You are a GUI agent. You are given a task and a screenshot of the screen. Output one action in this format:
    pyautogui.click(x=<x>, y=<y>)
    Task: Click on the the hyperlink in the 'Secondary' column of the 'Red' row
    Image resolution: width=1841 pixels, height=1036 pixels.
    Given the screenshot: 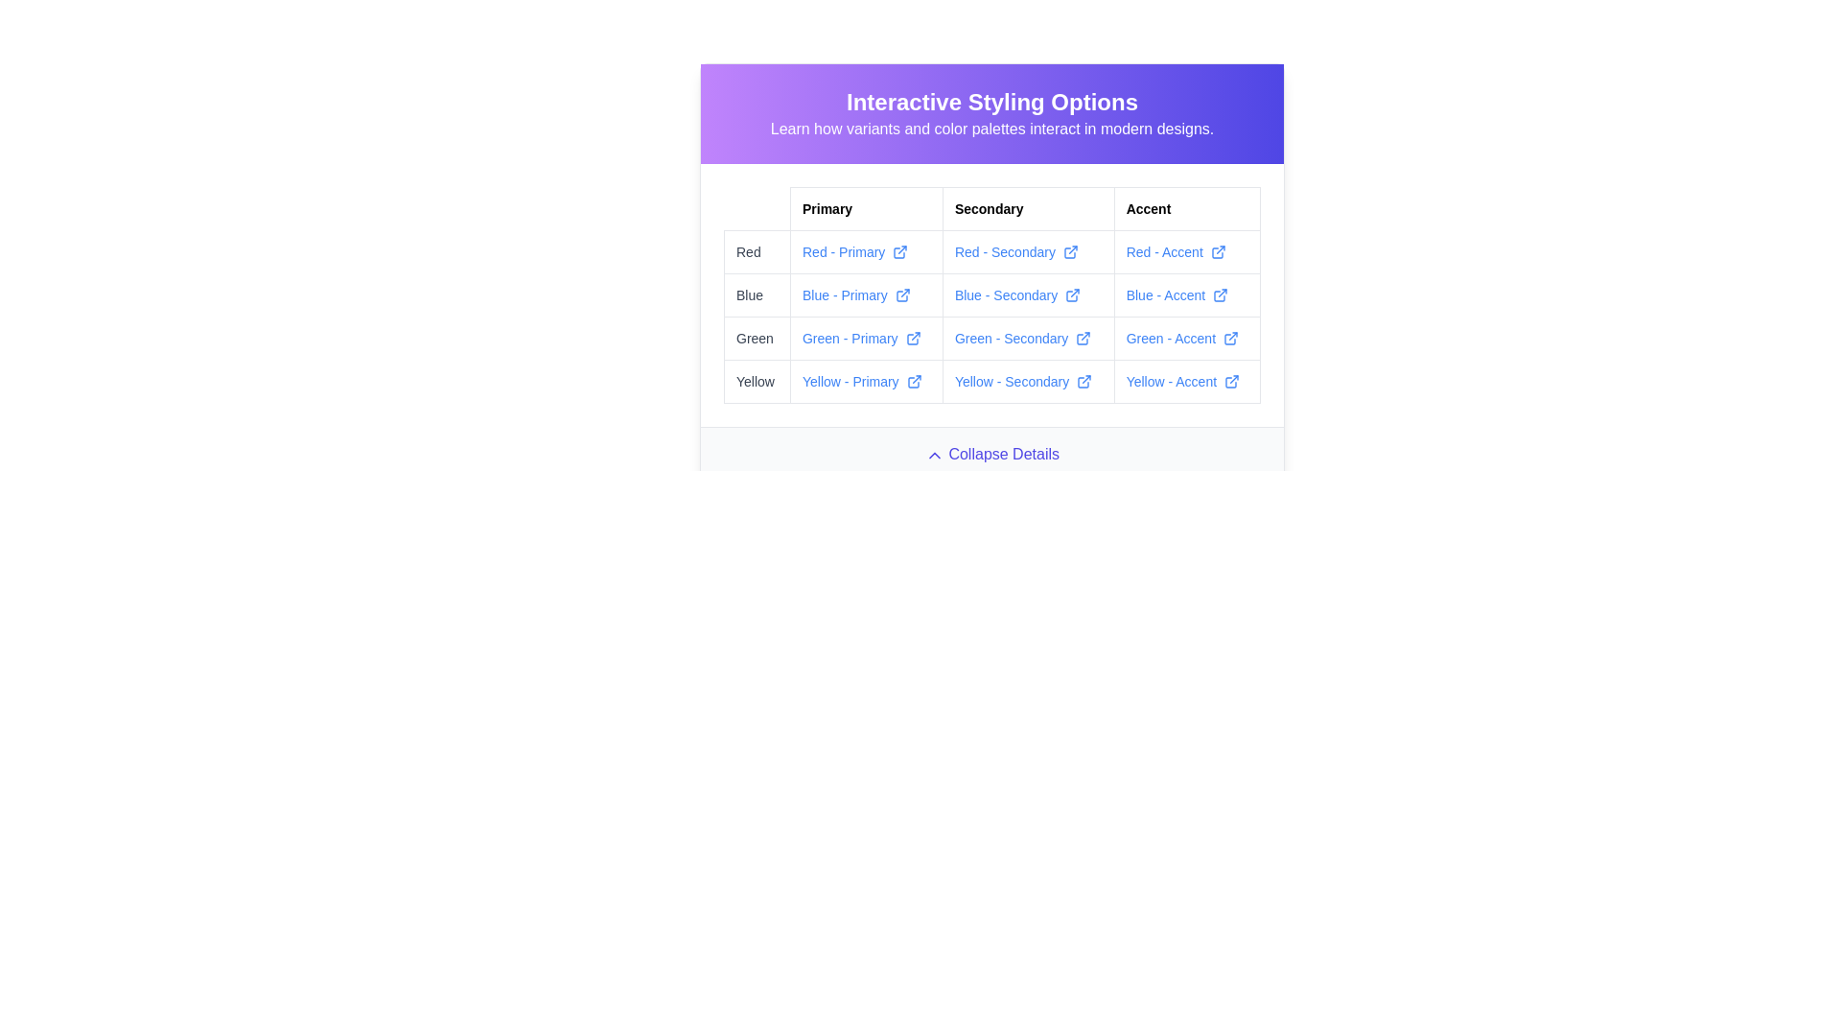 What is the action you would take?
    pyautogui.click(x=1027, y=250)
    